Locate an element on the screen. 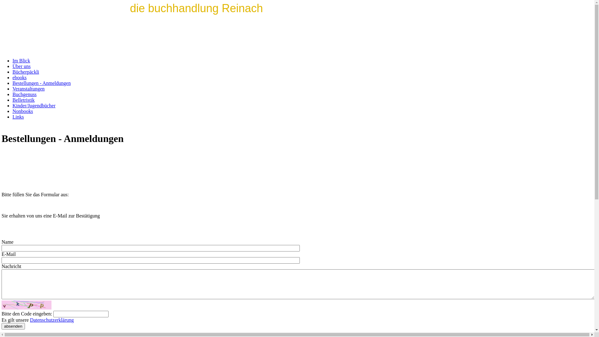  'Veranstaltungen' is located at coordinates (28, 89).